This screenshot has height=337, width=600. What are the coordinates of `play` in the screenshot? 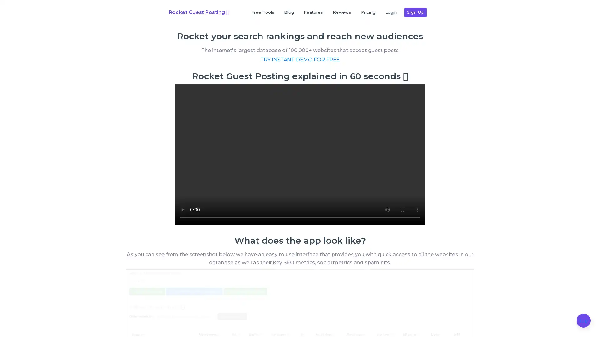 It's located at (182, 225).